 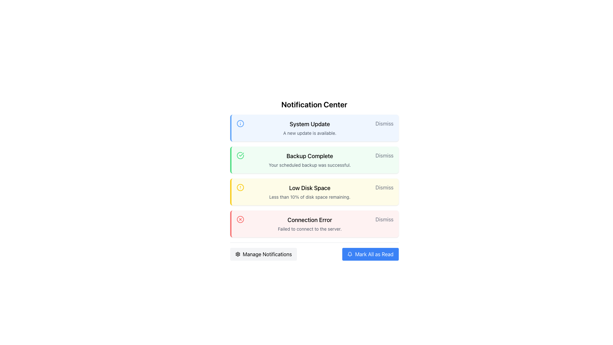 What do you see at coordinates (240, 123) in the screenshot?
I see `the small circular shape located within the blue-colored status notification icon of the 'System Update' section in the notification center` at bounding box center [240, 123].